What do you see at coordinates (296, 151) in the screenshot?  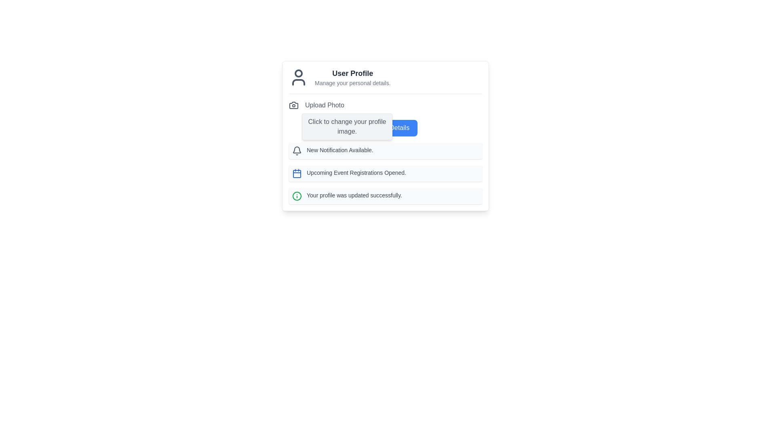 I see `the notification icon located in the top-left corner of the notification bar, preceding the text 'New Notification Available.'` at bounding box center [296, 151].